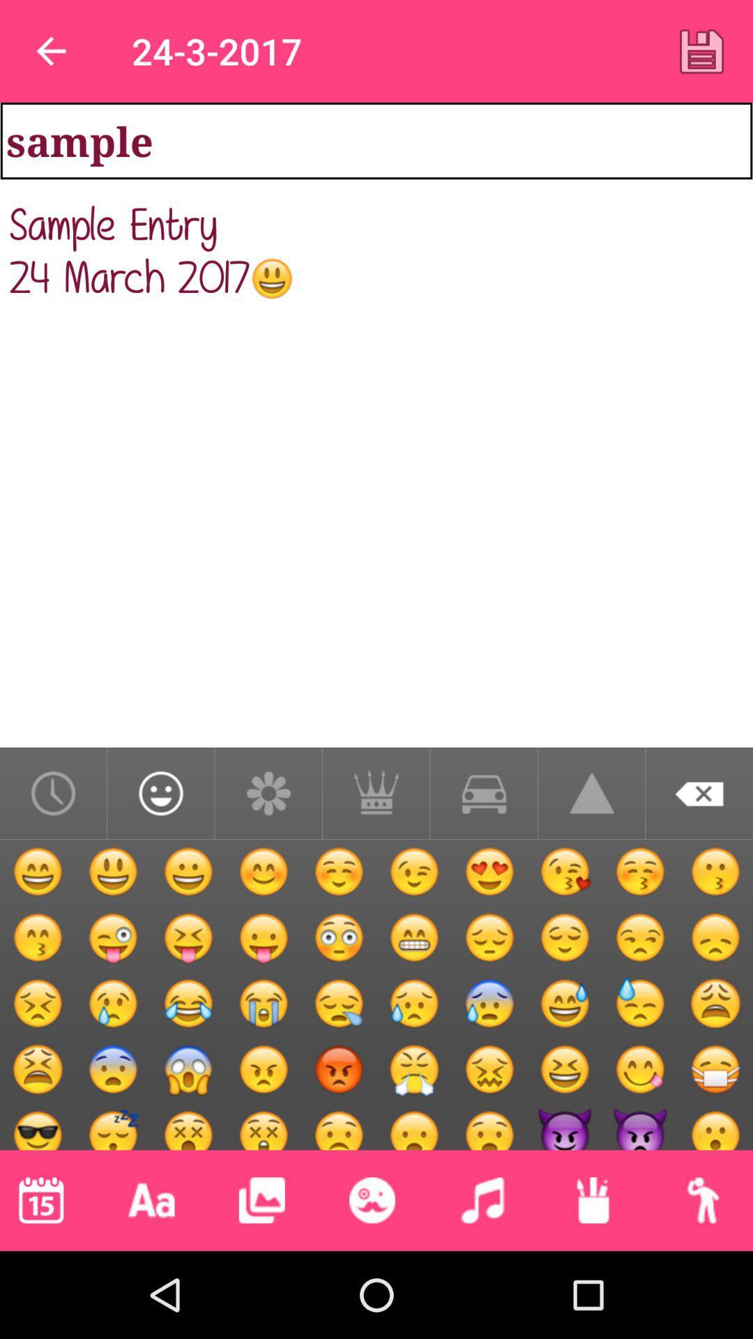 This screenshot has height=1339, width=753. What do you see at coordinates (483, 793) in the screenshot?
I see `the chat icon` at bounding box center [483, 793].